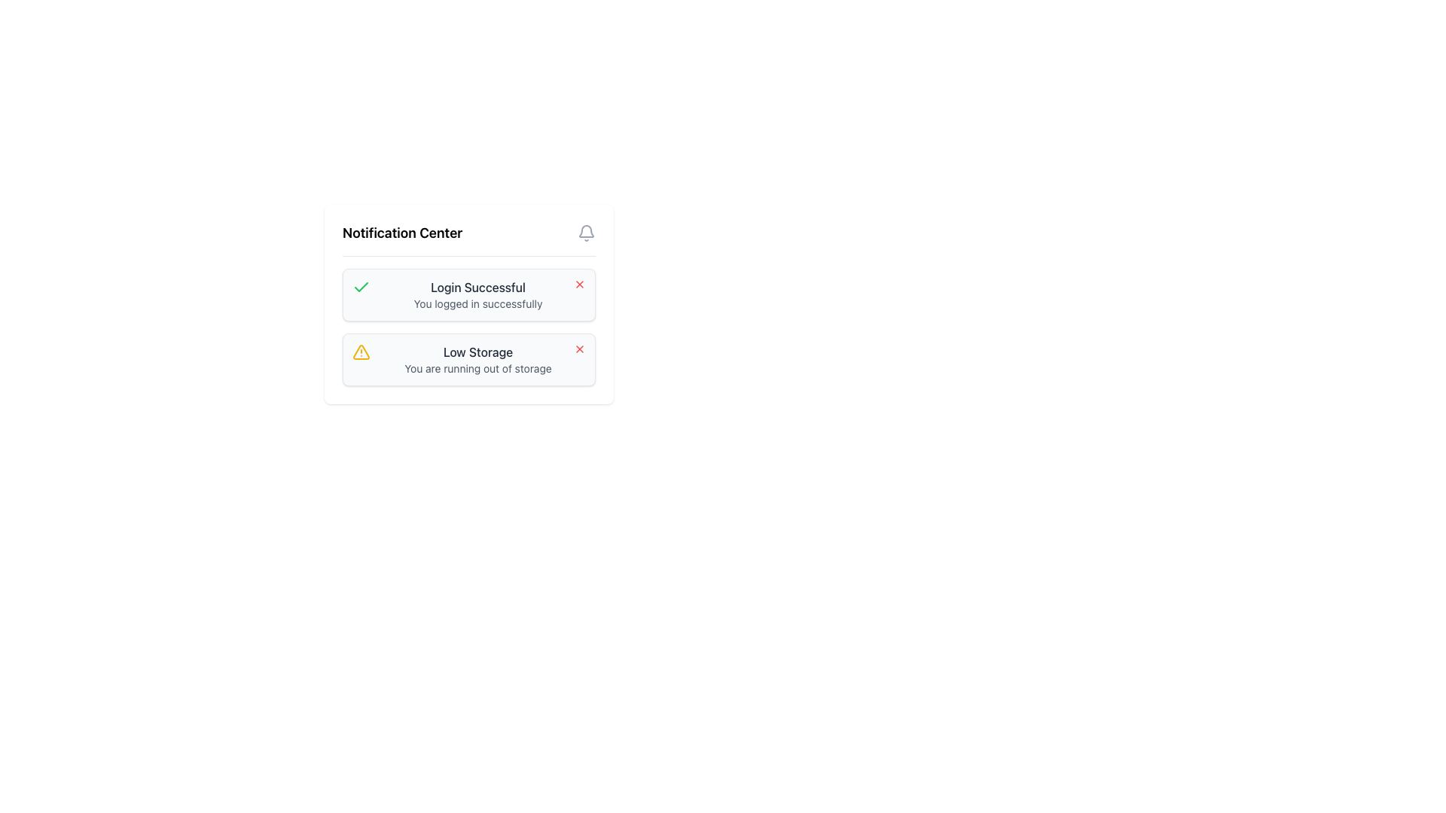 This screenshot has width=1446, height=813. Describe the element at coordinates (477, 360) in the screenshot. I see `the second notification entry in the Notification Center that informs users about low storage, positioned below the 'Login Successful' notification` at that location.